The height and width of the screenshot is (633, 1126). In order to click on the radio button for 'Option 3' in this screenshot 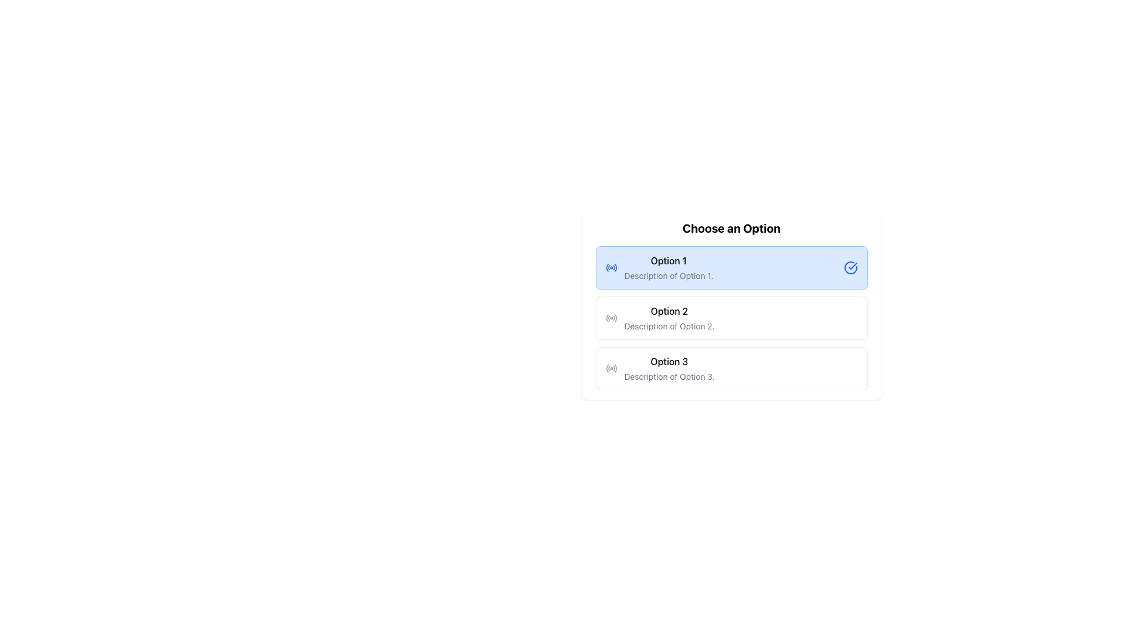, I will do `click(611, 367)`.